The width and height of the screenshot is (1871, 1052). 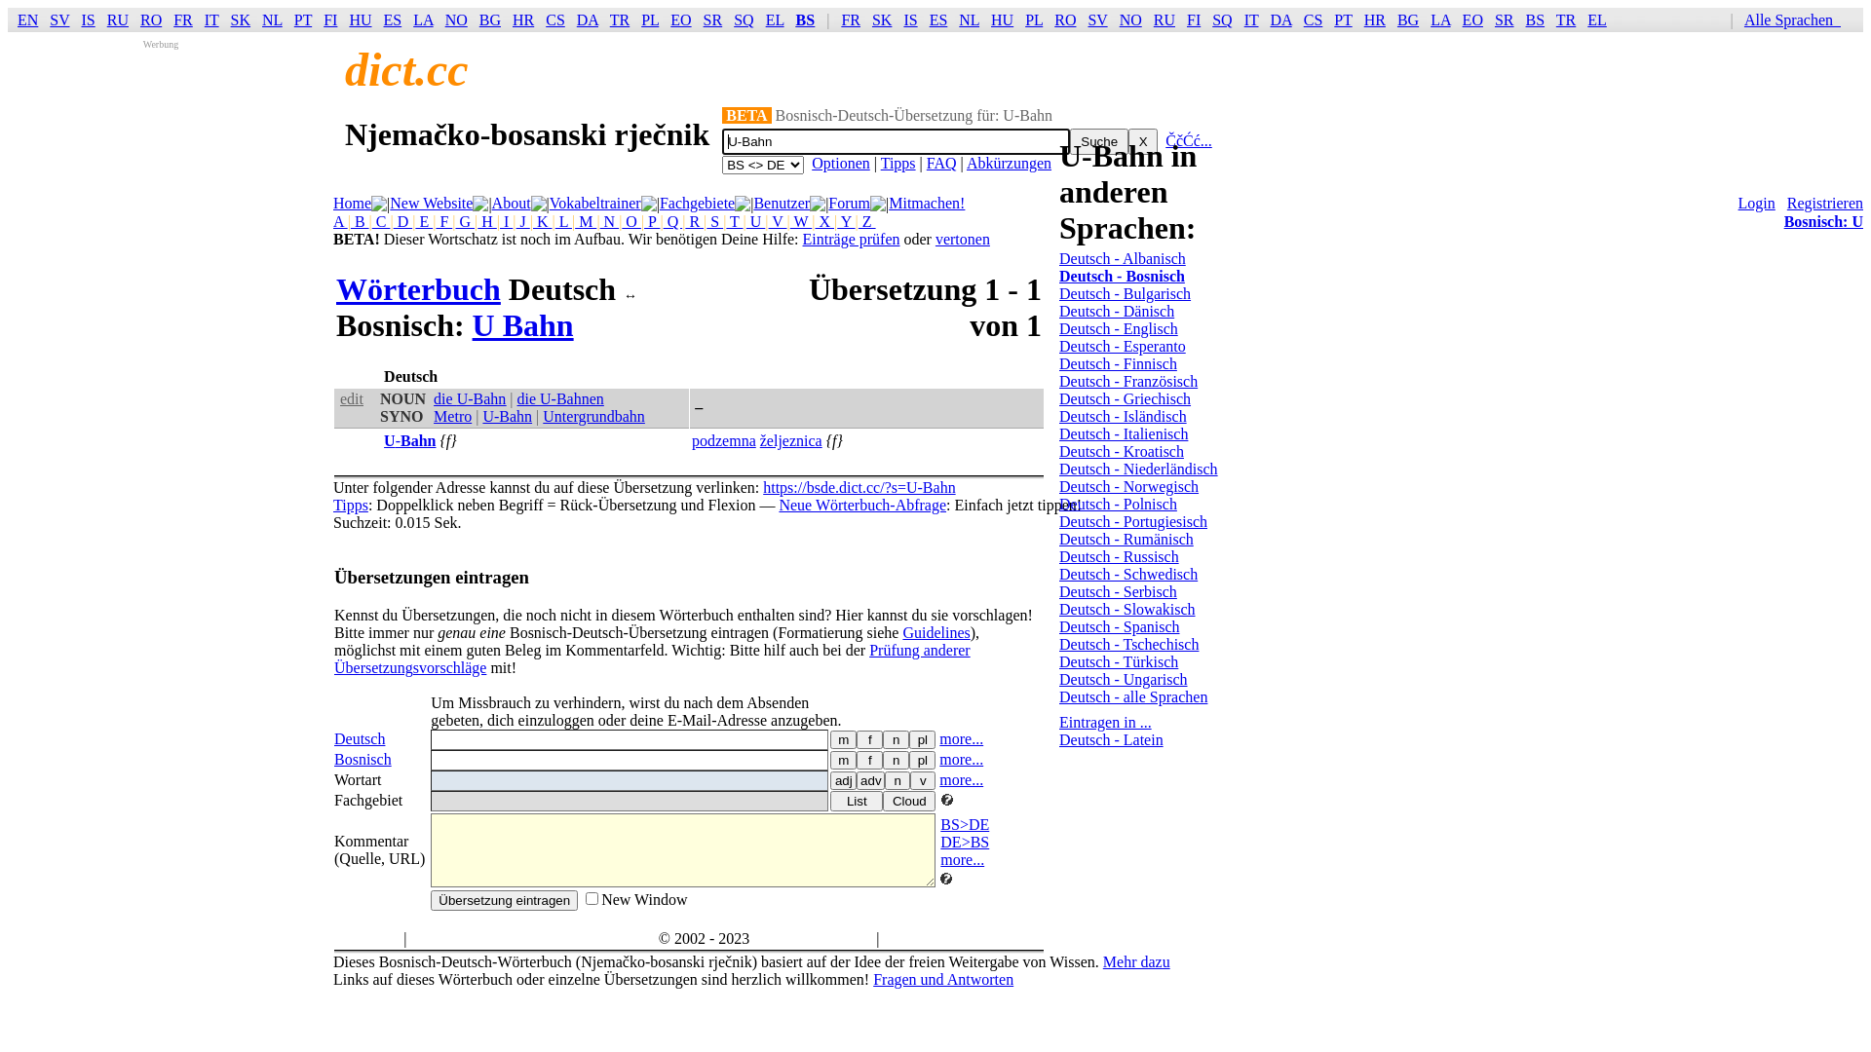 I want to click on 'H', so click(x=486, y=220).